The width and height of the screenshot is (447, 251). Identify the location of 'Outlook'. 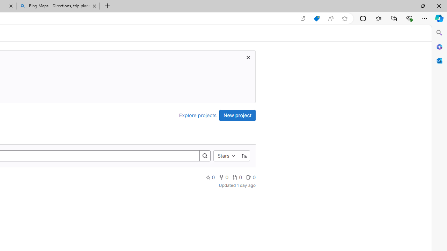
(439, 60).